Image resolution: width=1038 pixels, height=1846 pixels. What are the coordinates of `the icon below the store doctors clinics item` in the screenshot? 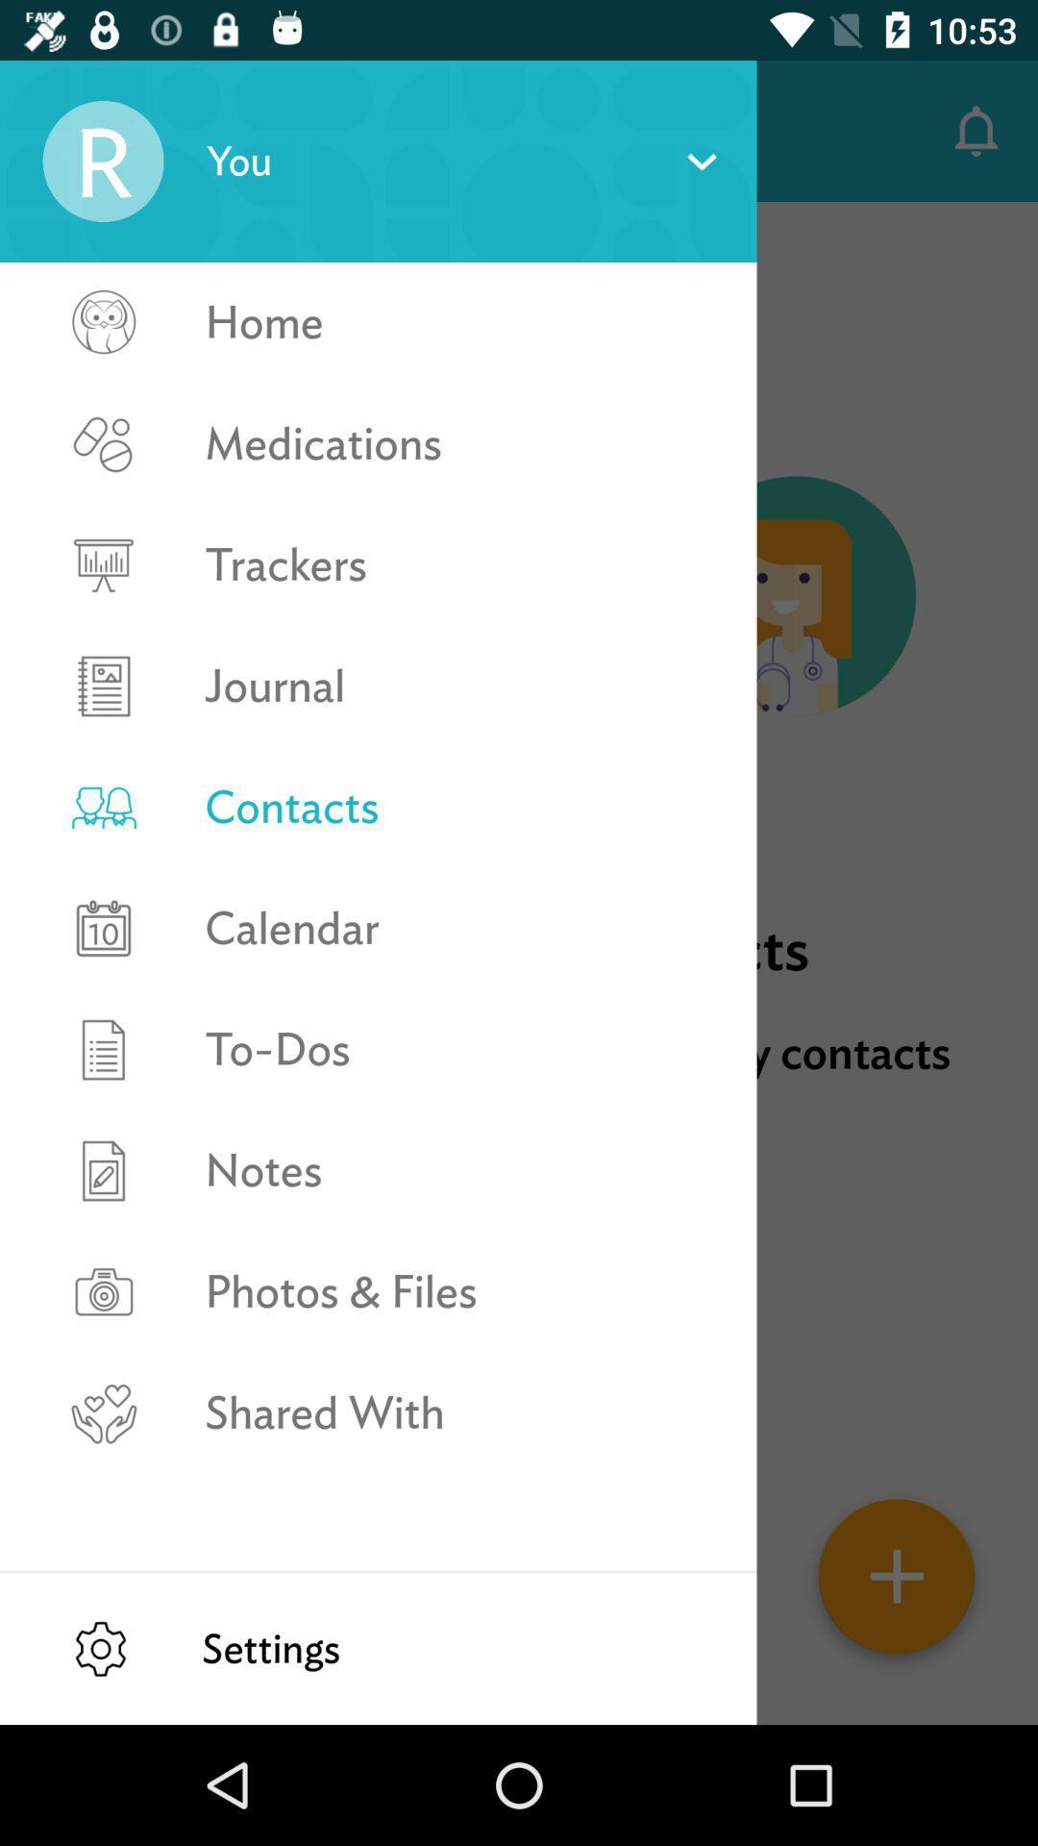 It's located at (519, 1260).